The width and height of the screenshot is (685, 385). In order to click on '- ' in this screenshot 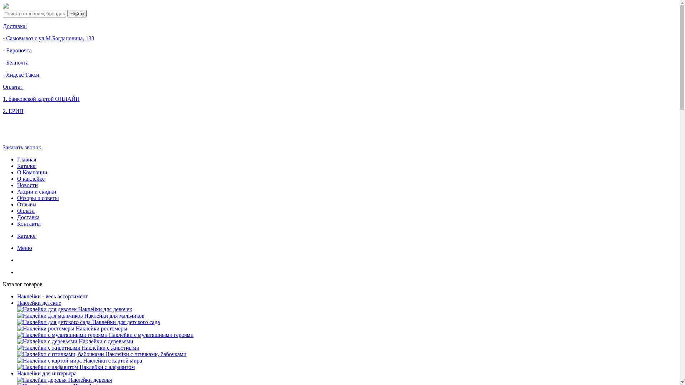, I will do `click(4, 50)`.